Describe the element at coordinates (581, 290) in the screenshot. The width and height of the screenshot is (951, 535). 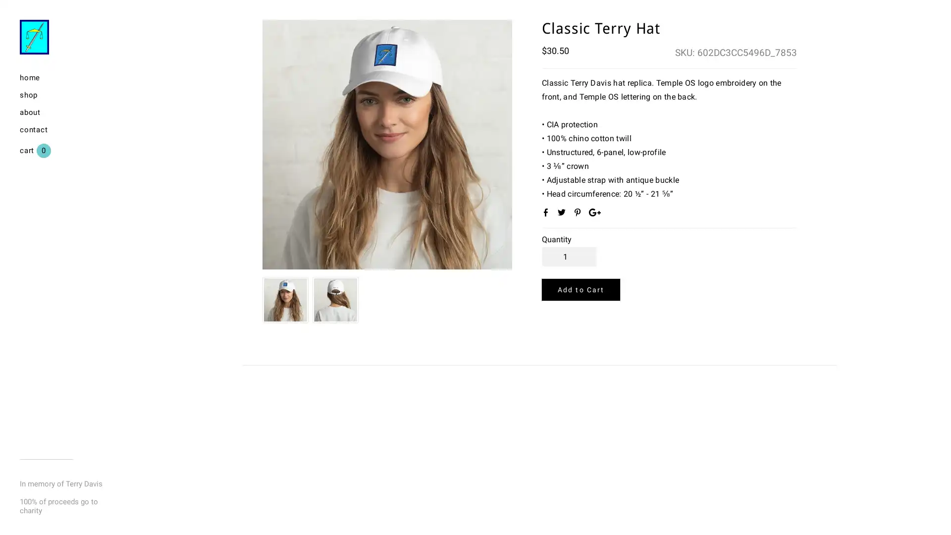
I see `Add to Cart` at that location.